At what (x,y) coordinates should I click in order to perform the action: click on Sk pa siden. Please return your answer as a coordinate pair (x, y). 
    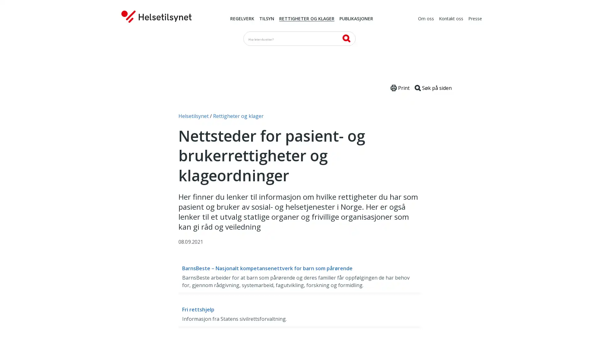
    Looking at the image, I should click on (433, 88).